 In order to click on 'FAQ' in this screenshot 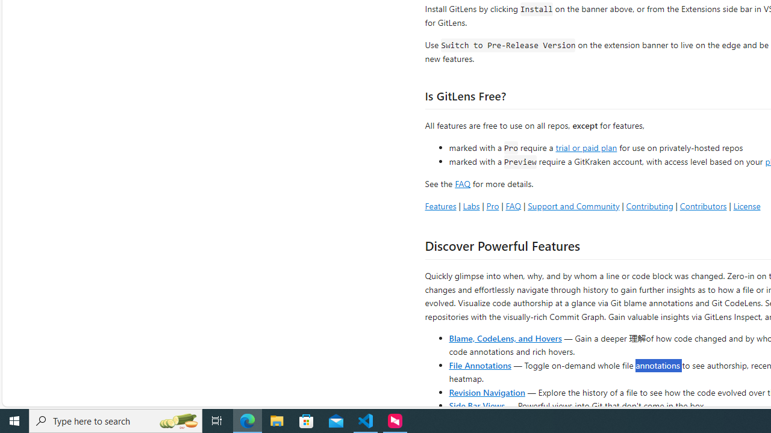, I will do `click(513, 205)`.